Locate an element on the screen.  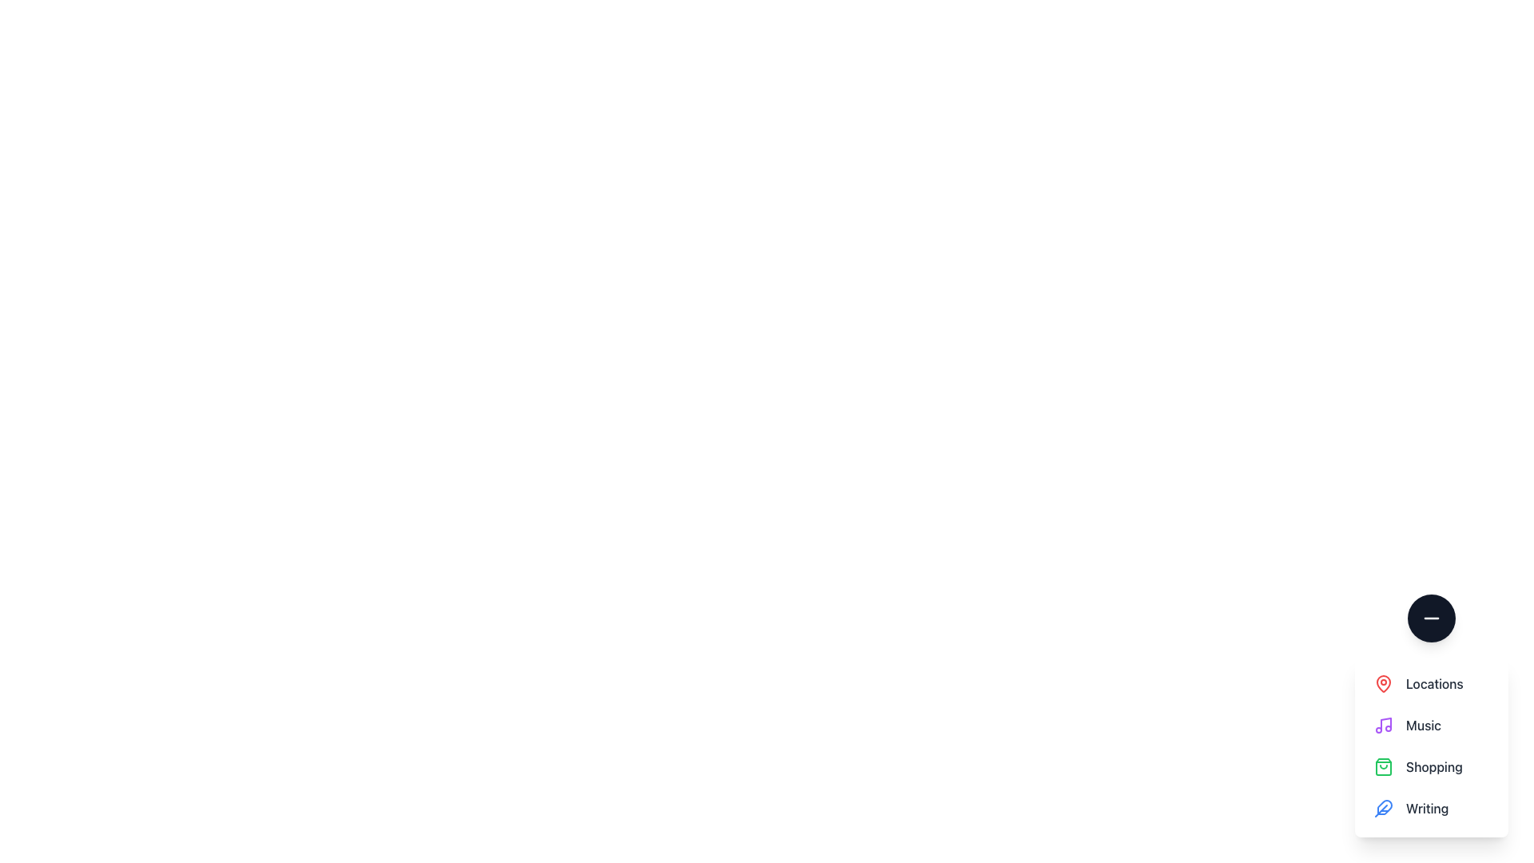
the icon in the fourth interactive menu item located at the bottom of the vertical list is located at coordinates (1384, 807).